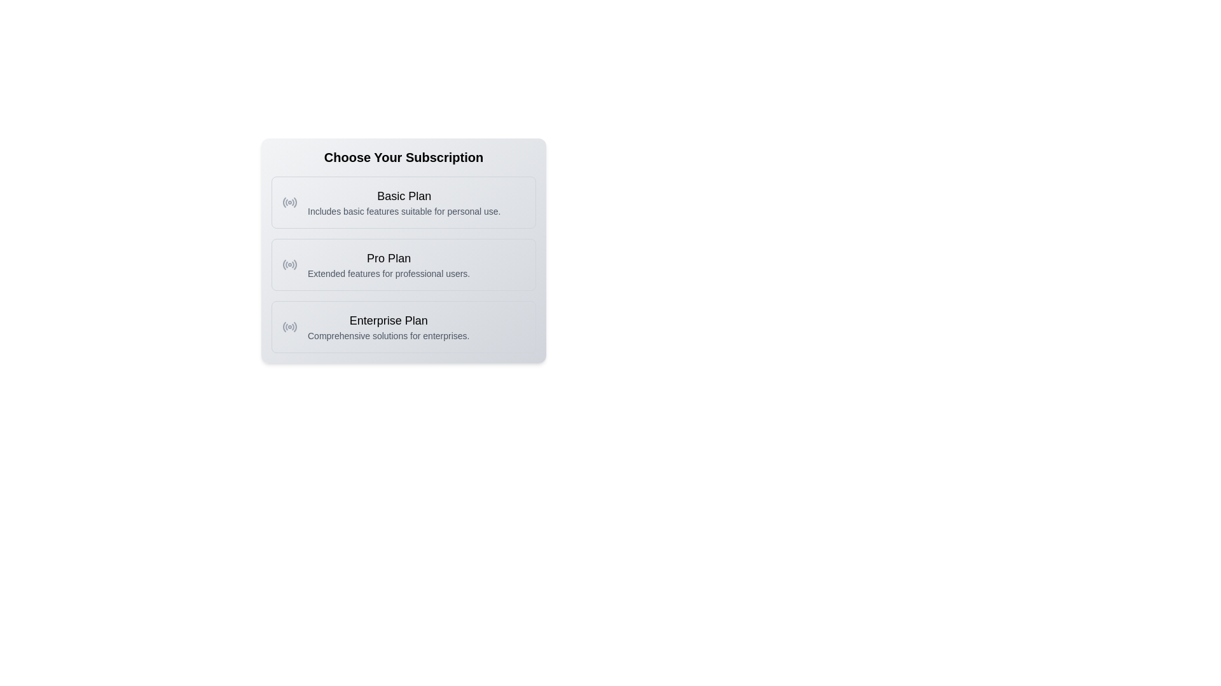 The width and height of the screenshot is (1221, 686). What do you see at coordinates (388, 326) in the screenshot?
I see `information presented in the 'Enterprise Plan' text block, which is the third item in the vertically stacked list of subscription plans` at bounding box center [388, 326].